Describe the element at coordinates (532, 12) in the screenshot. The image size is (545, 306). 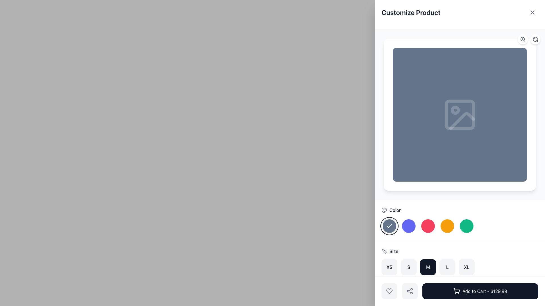
I see `the gray 'X' icon button located at the top-right corner of the 'Customize Product' panel` at that location.